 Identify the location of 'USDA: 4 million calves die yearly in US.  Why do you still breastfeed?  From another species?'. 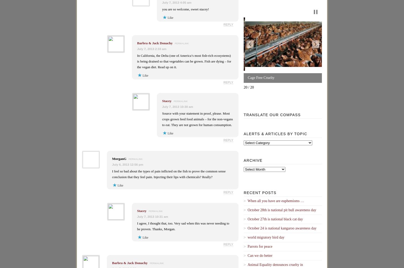
(359, 75).